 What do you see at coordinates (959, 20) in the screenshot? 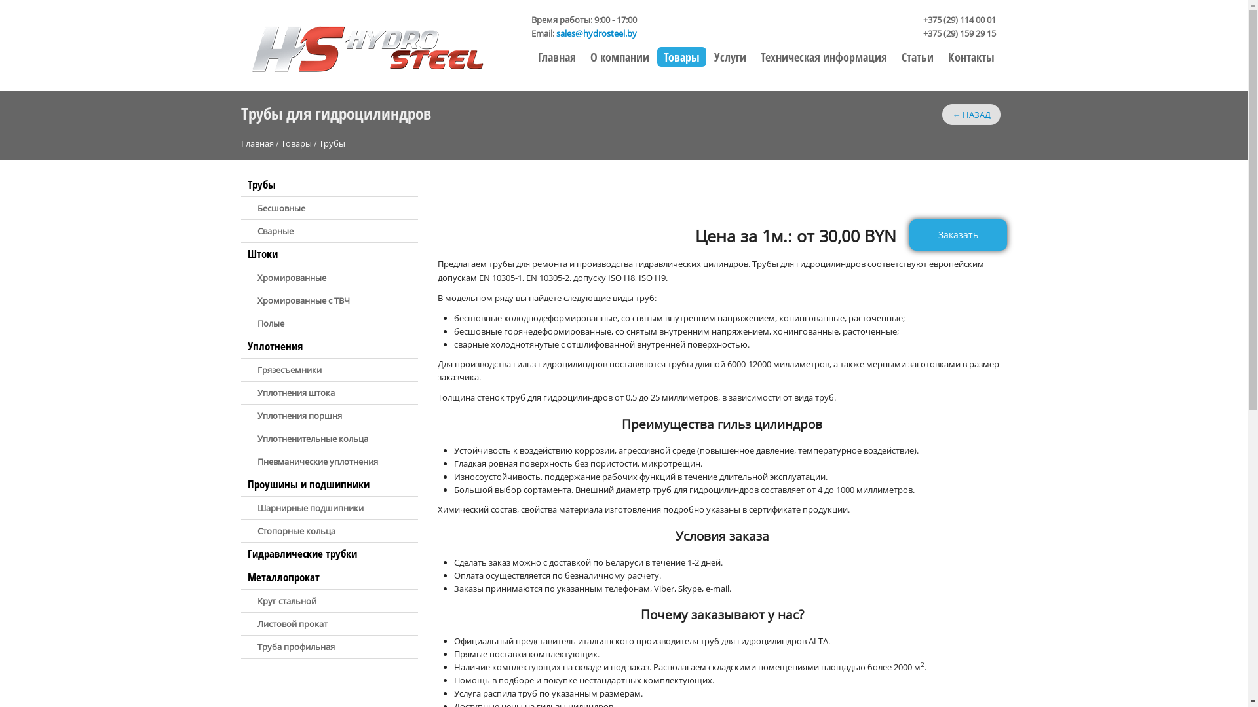
I see `'+375 (29) 114 00 01'` at bounding box center [959, 20].